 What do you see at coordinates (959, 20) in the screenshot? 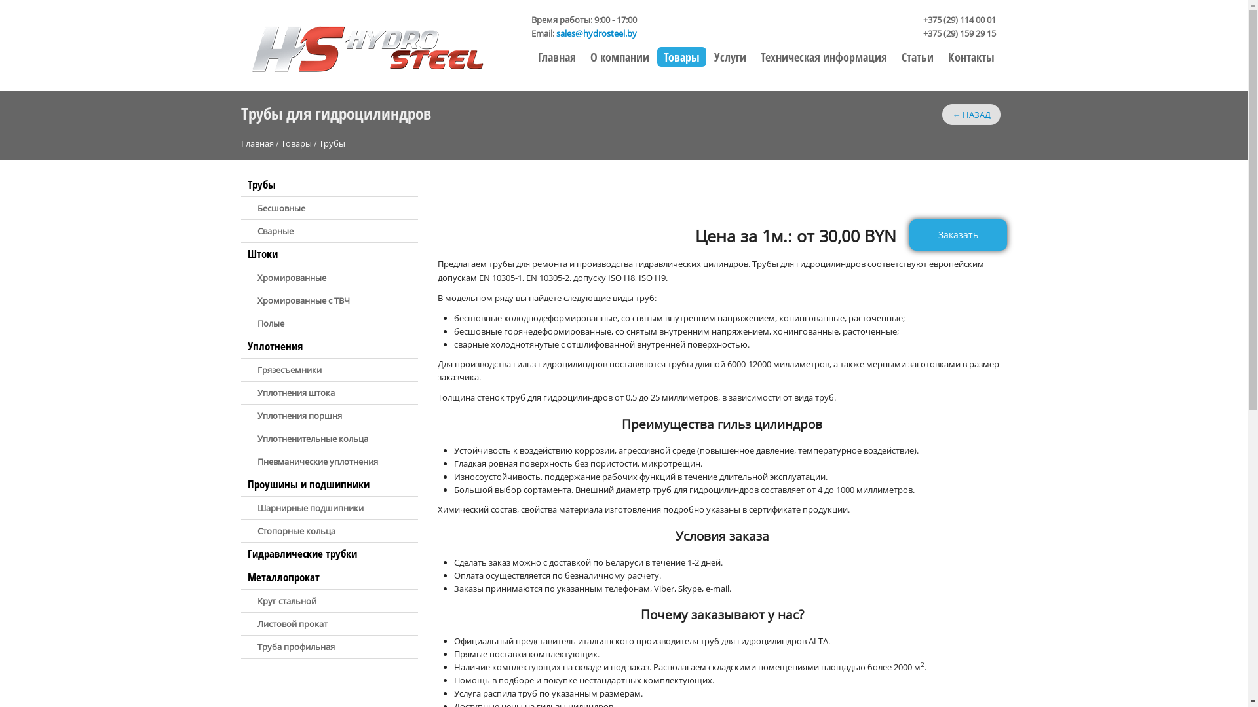
I see `'+375 (29) 114 00 01'` at bounding box center [959, 20].